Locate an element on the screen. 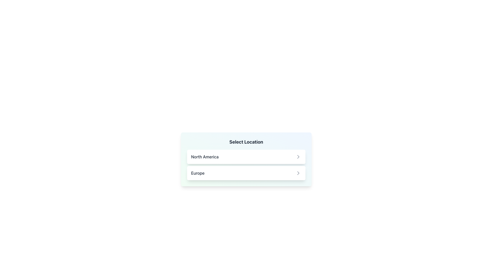 The image size is (490, 275). the small rightward arrow icon located to the far right of the 'Europe' option row is located at coordinates (298, 173).